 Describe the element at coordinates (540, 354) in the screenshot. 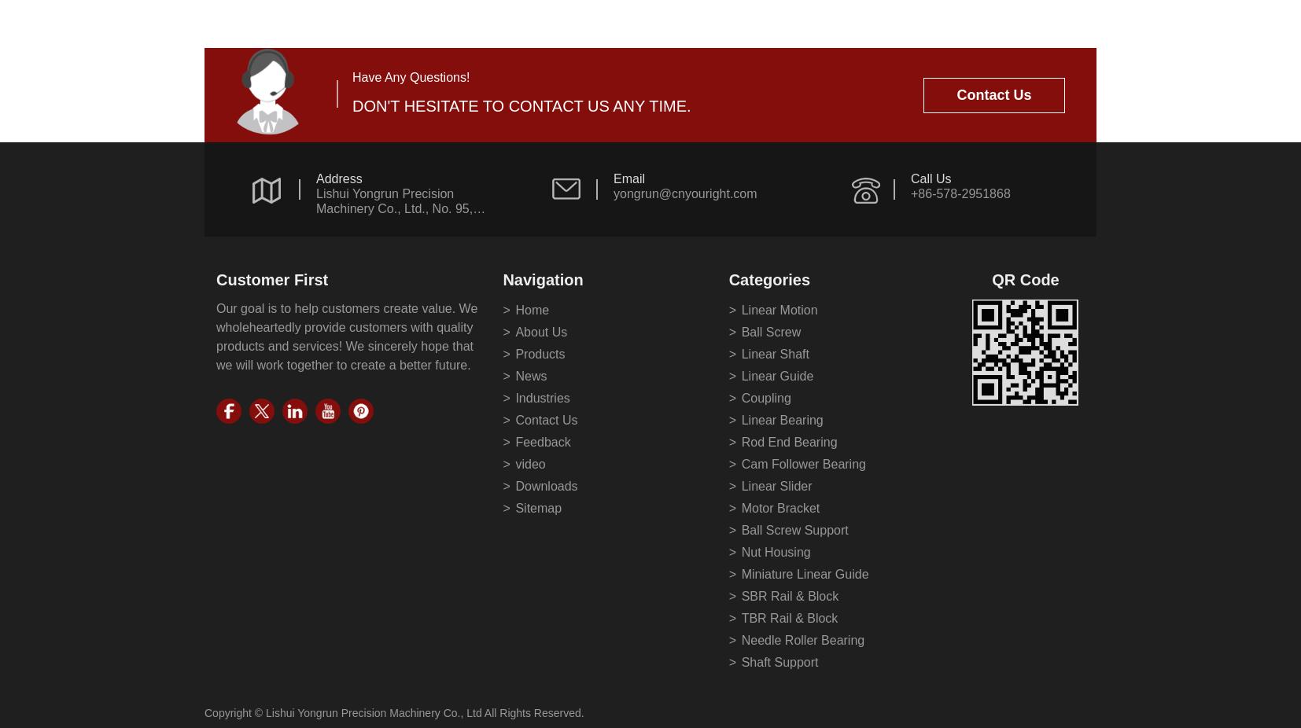

I see `'Products'` at that location.